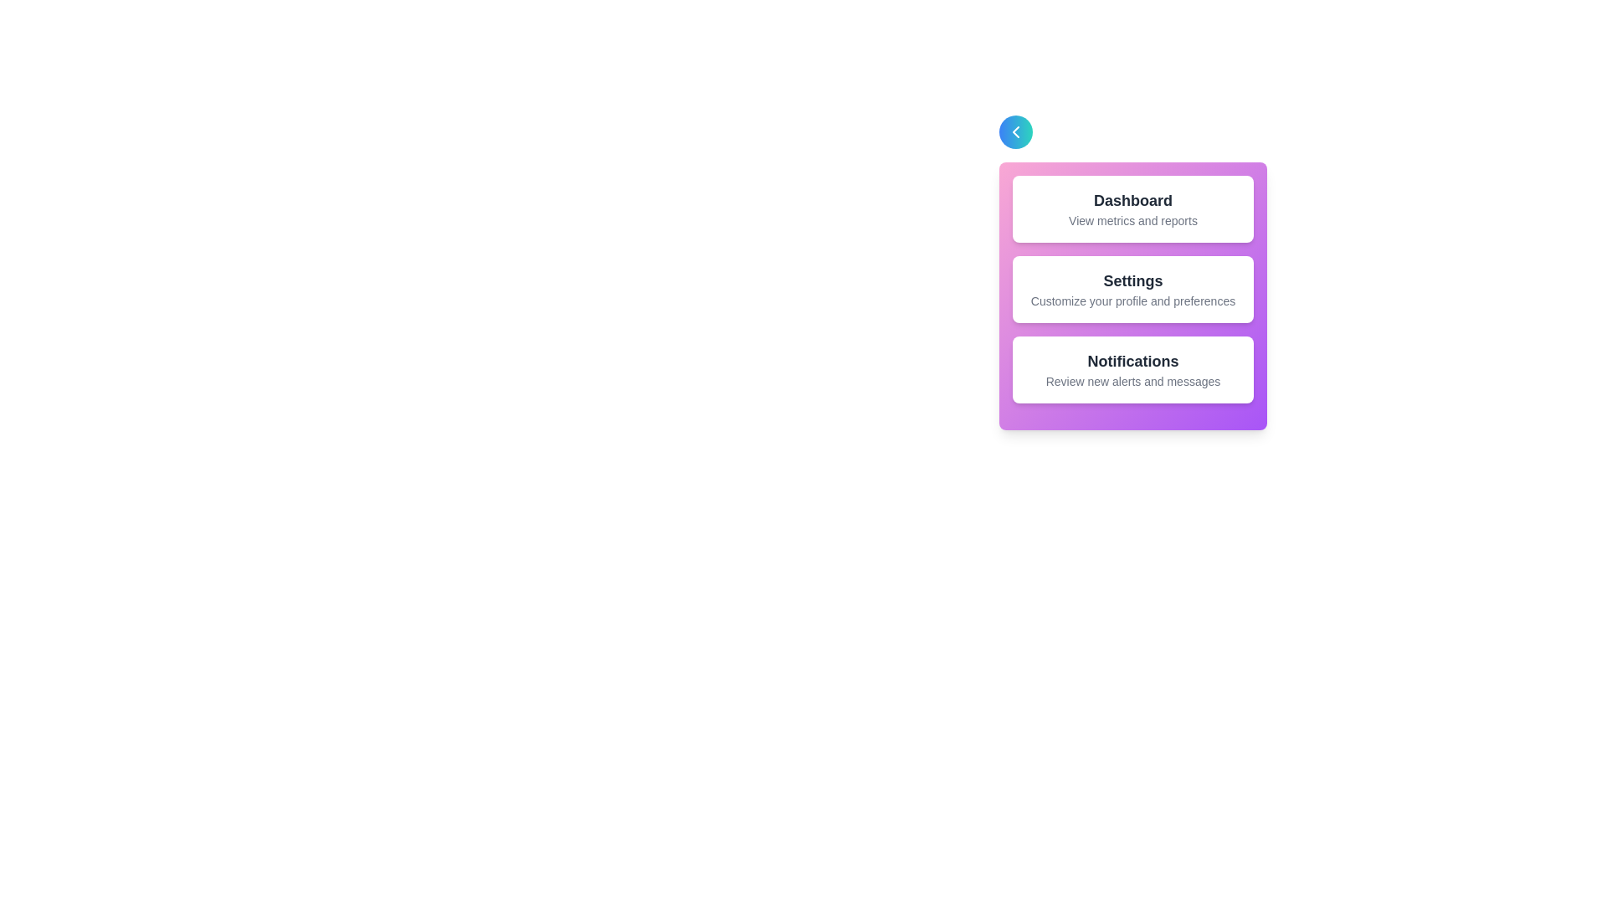  Describe the element at coordinates (1015, 131) in the screenshot. I see `toggle button to change the drawer state` at that location.